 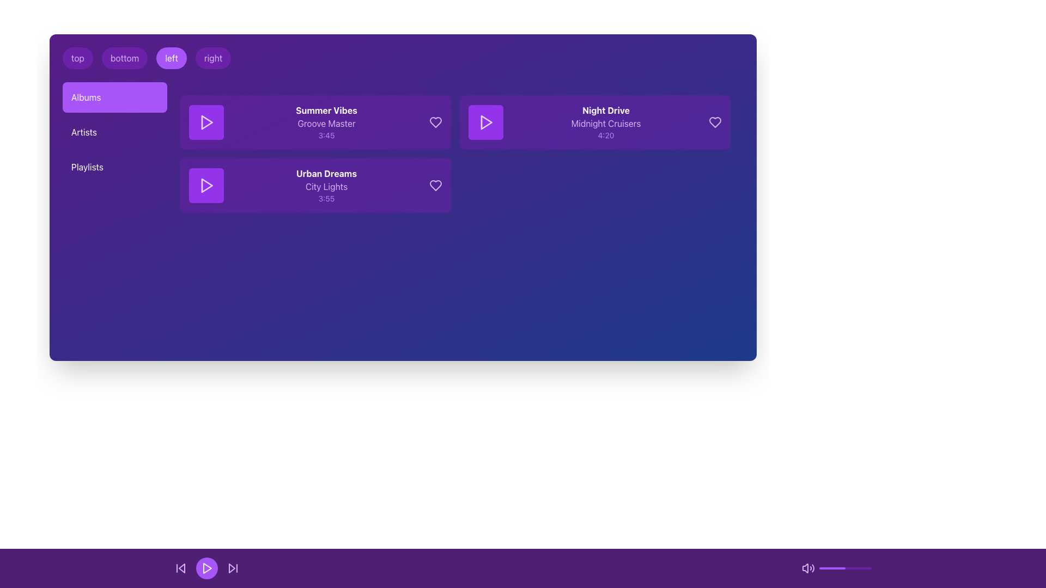 I want to click on the heart icon used for favoriting or liking the song 'Night Drive', so click(x=715, y=122).